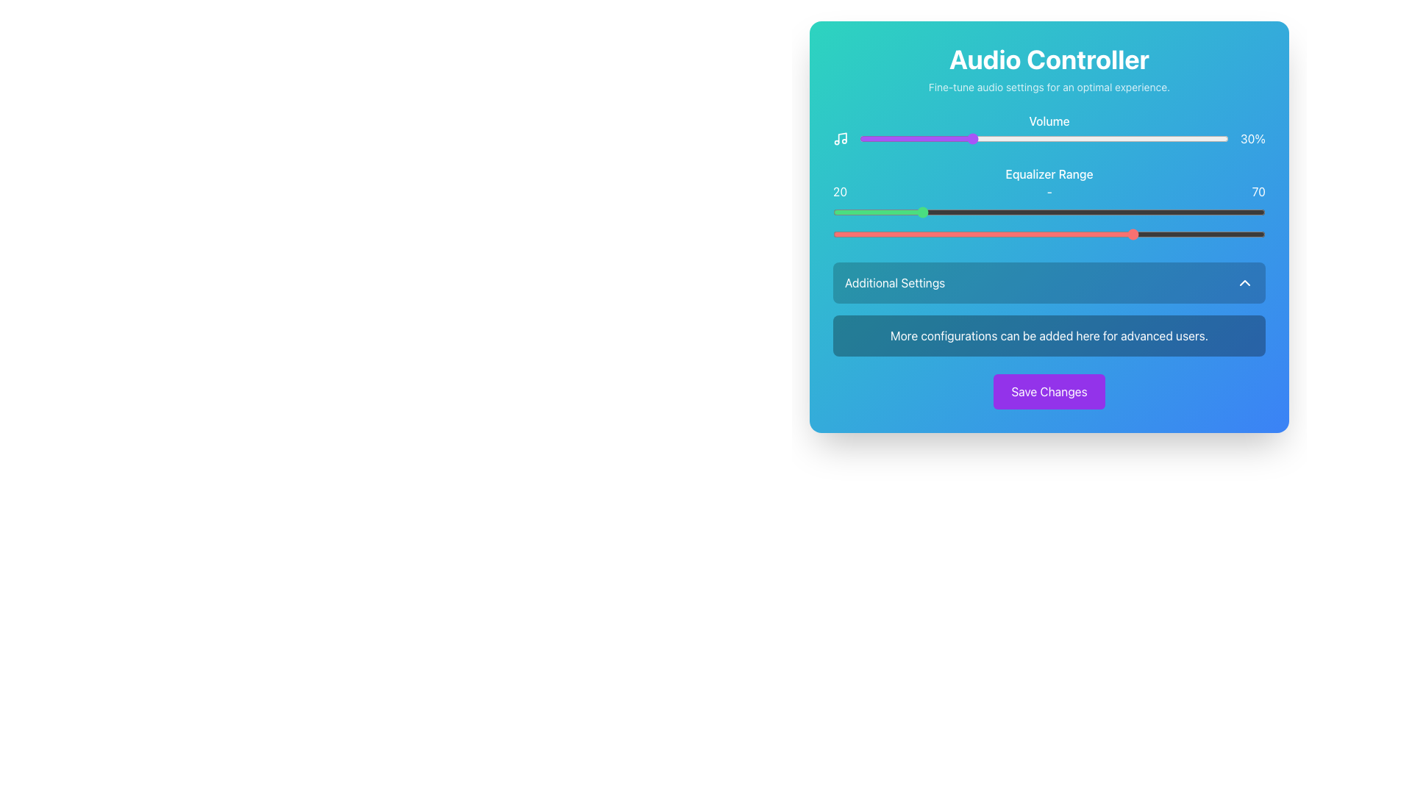 This screenshot has height=794, width=1412. I want to click on the static text element that provides additional details about the 'Audio Controller', located directly below the title and centered under it, so click(1048, 87).